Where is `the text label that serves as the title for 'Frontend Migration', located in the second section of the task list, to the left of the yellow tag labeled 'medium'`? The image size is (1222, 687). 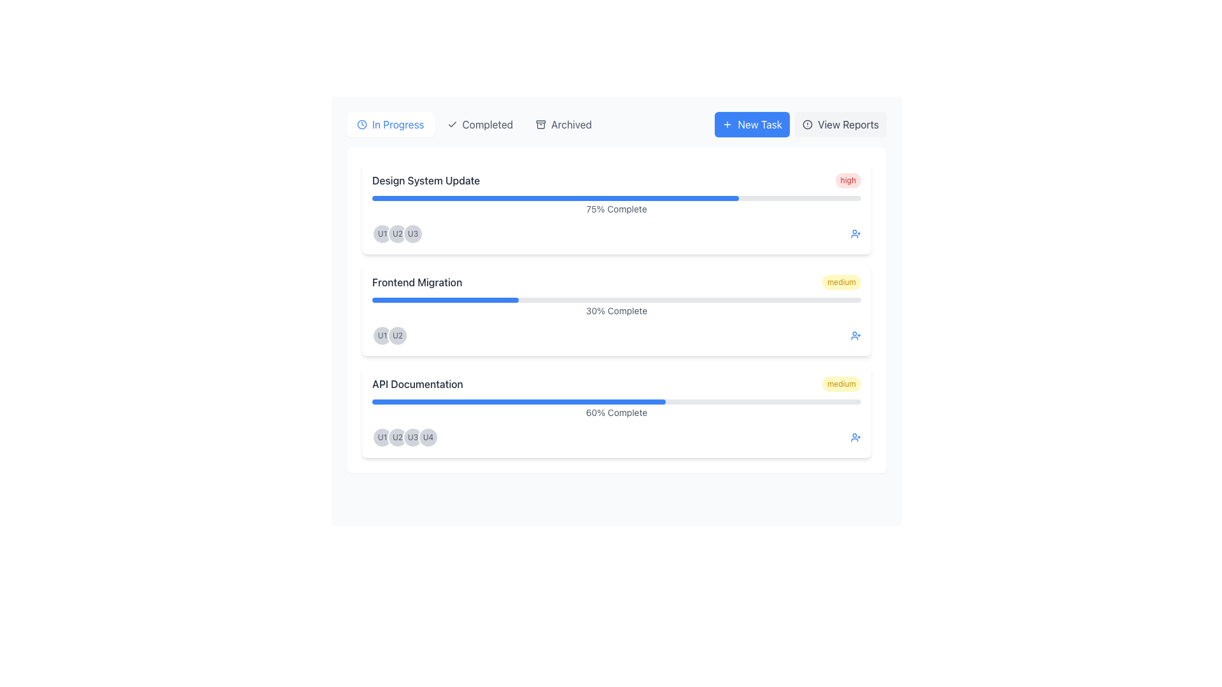
the text label that serves as the title for 'Frontend Migration', located in the second section of the task list, to the left of the yellow tag labeled 'medium' is located at coordinates (417, 281).